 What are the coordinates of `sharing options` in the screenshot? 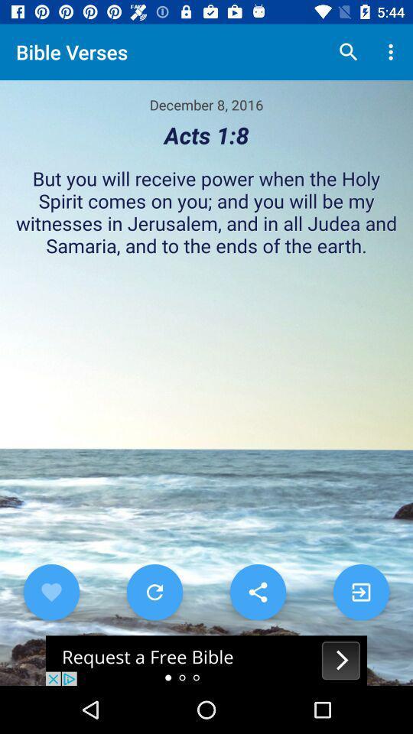 It's located at (258, 591).